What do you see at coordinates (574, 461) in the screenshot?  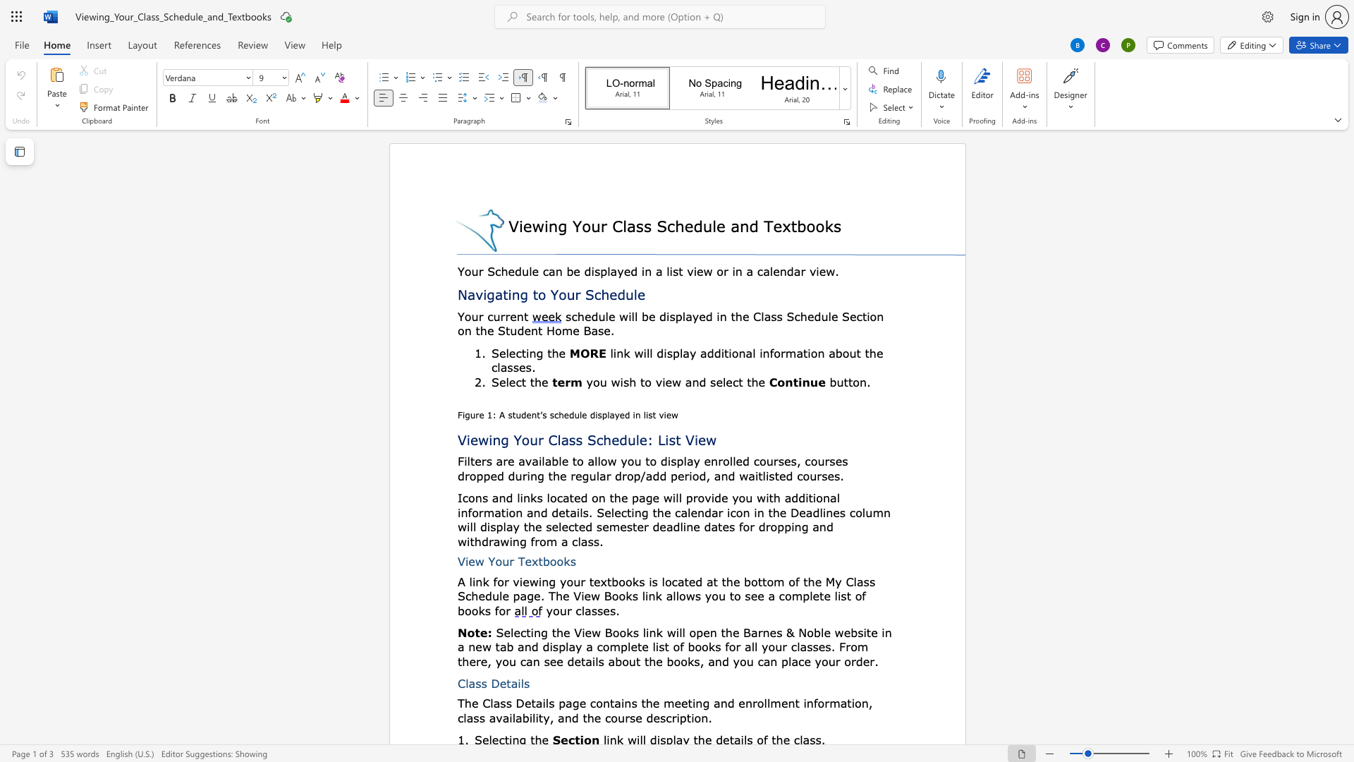 I see `the 2th character "t" in the text` at bounding box center [574, 461].